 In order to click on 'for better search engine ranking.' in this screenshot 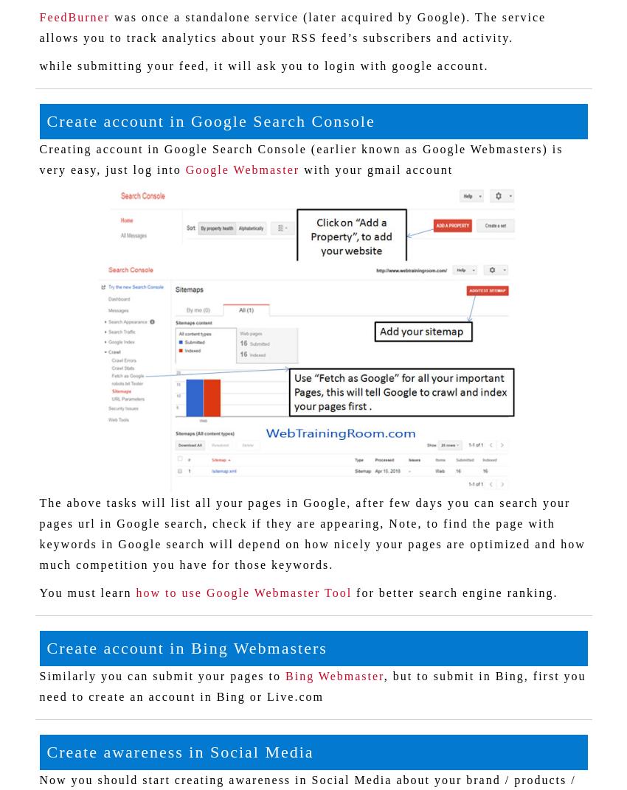, I will do `click(454, 592)`.